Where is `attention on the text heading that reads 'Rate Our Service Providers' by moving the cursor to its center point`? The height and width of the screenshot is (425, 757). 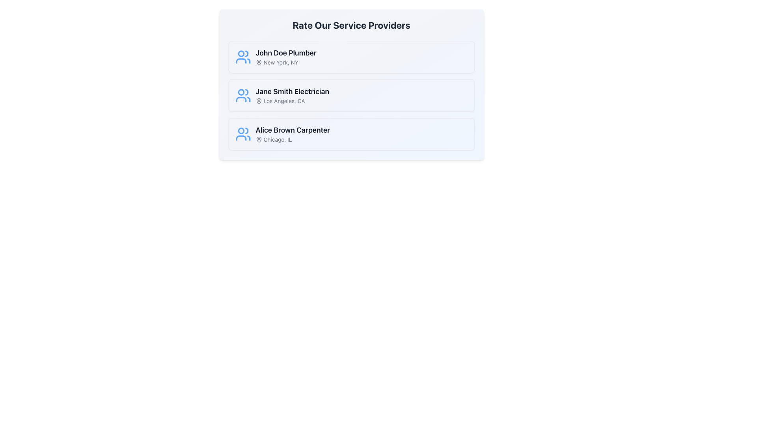
attention on the text heading that reads 'Rate Our Service Providers' by moving the cursor to its center point is located at coordinates (351, 25).